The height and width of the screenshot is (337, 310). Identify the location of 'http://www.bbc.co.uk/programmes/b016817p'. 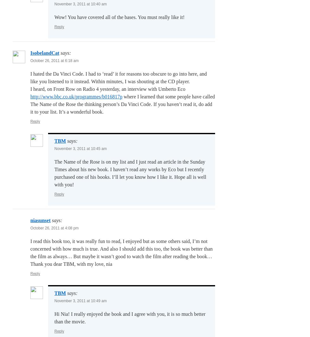
(76, 96).